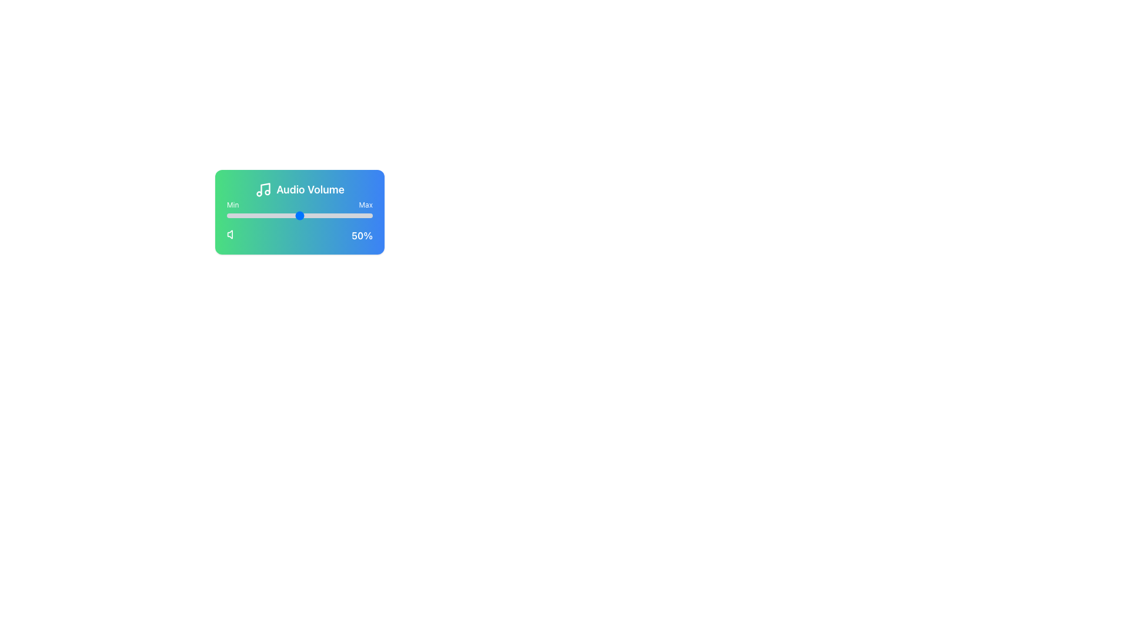 The image size is (1129, 635). What do you see at coordinates (235, 215) in the screenshot?
I see `the volume` at bounding box center [235, 215].